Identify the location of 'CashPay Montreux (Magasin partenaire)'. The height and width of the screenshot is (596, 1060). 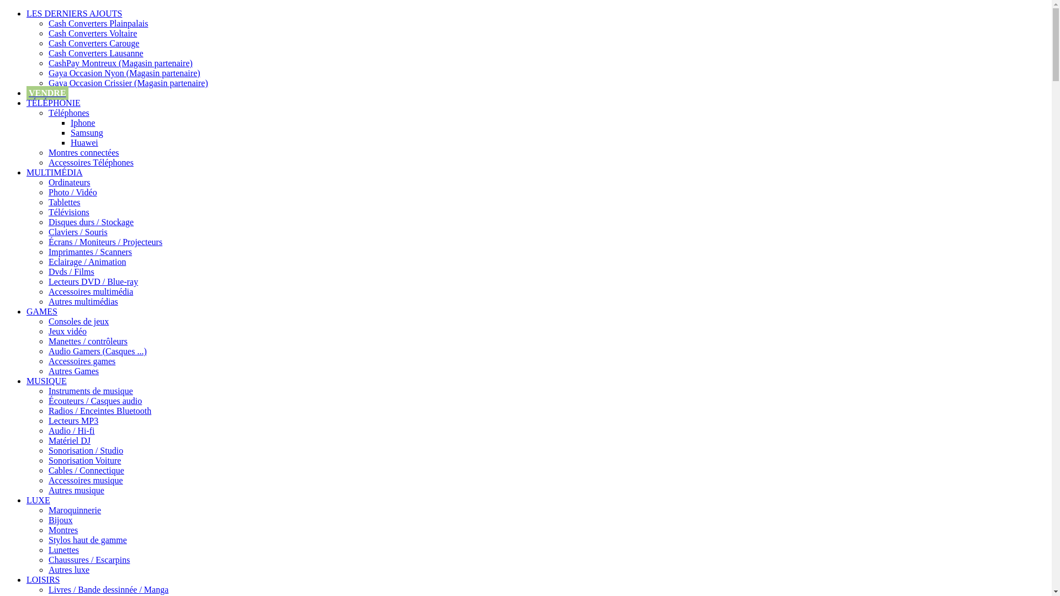
(120, 63).